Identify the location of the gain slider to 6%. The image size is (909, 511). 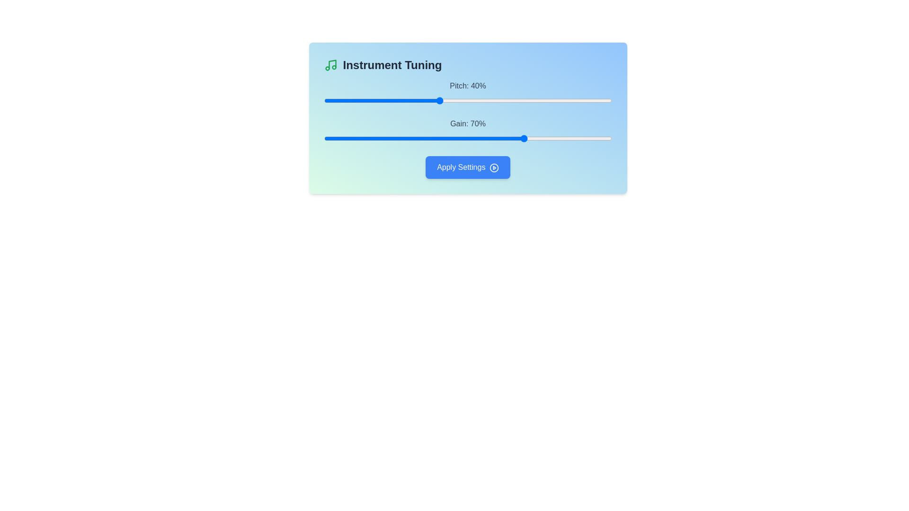
(341, 139).